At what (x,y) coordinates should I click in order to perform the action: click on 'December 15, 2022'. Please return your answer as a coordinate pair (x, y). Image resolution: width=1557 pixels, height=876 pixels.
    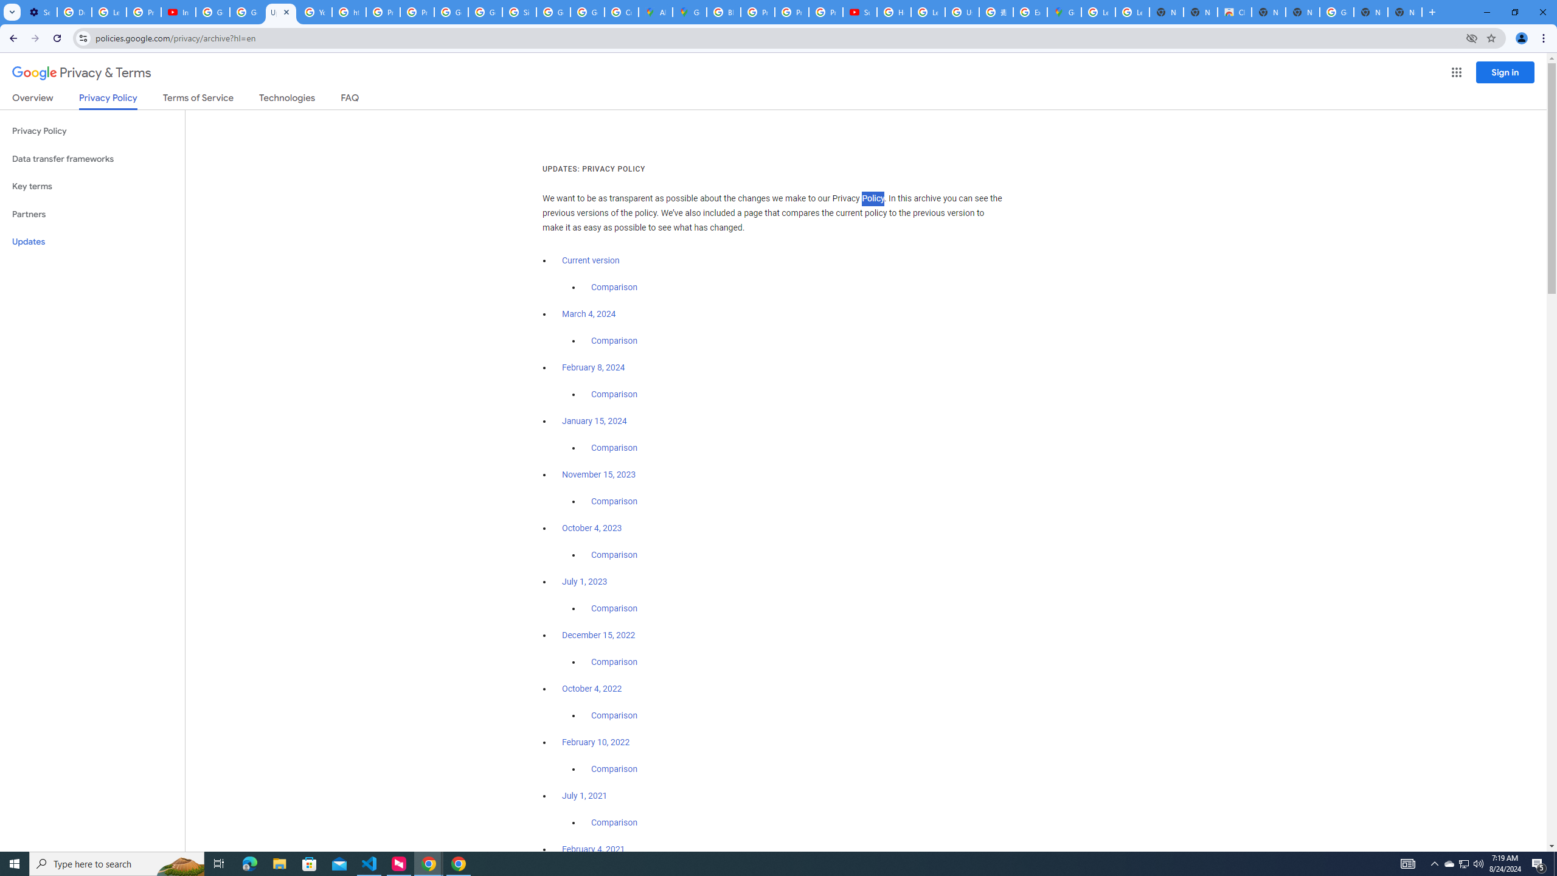
    Looking at the image, I should click on (598, 634).